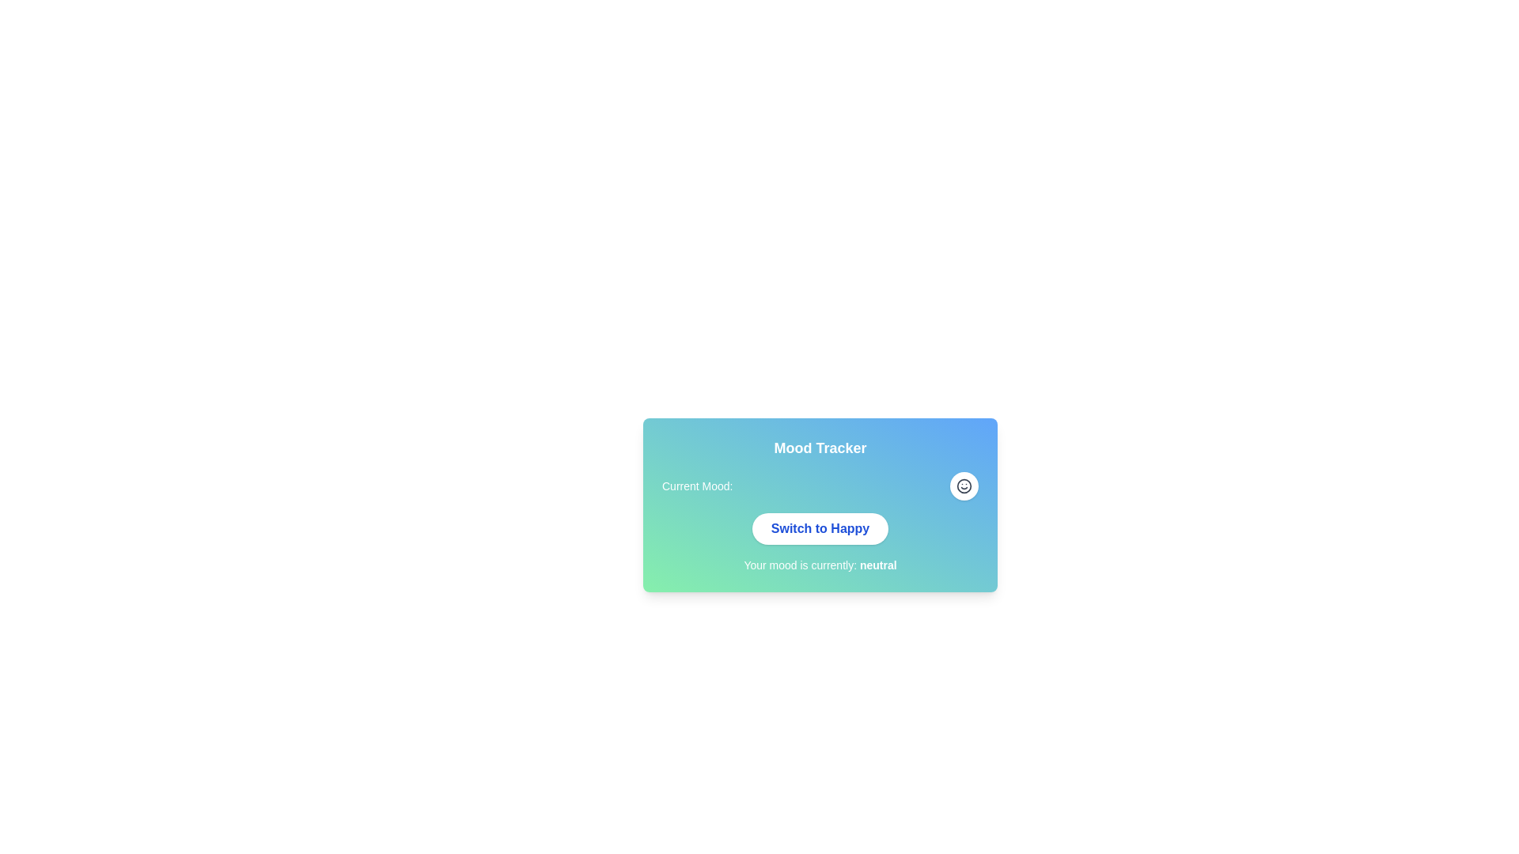  I want to click on the 'Mood Tracker' modal content area, so click(820, 534).